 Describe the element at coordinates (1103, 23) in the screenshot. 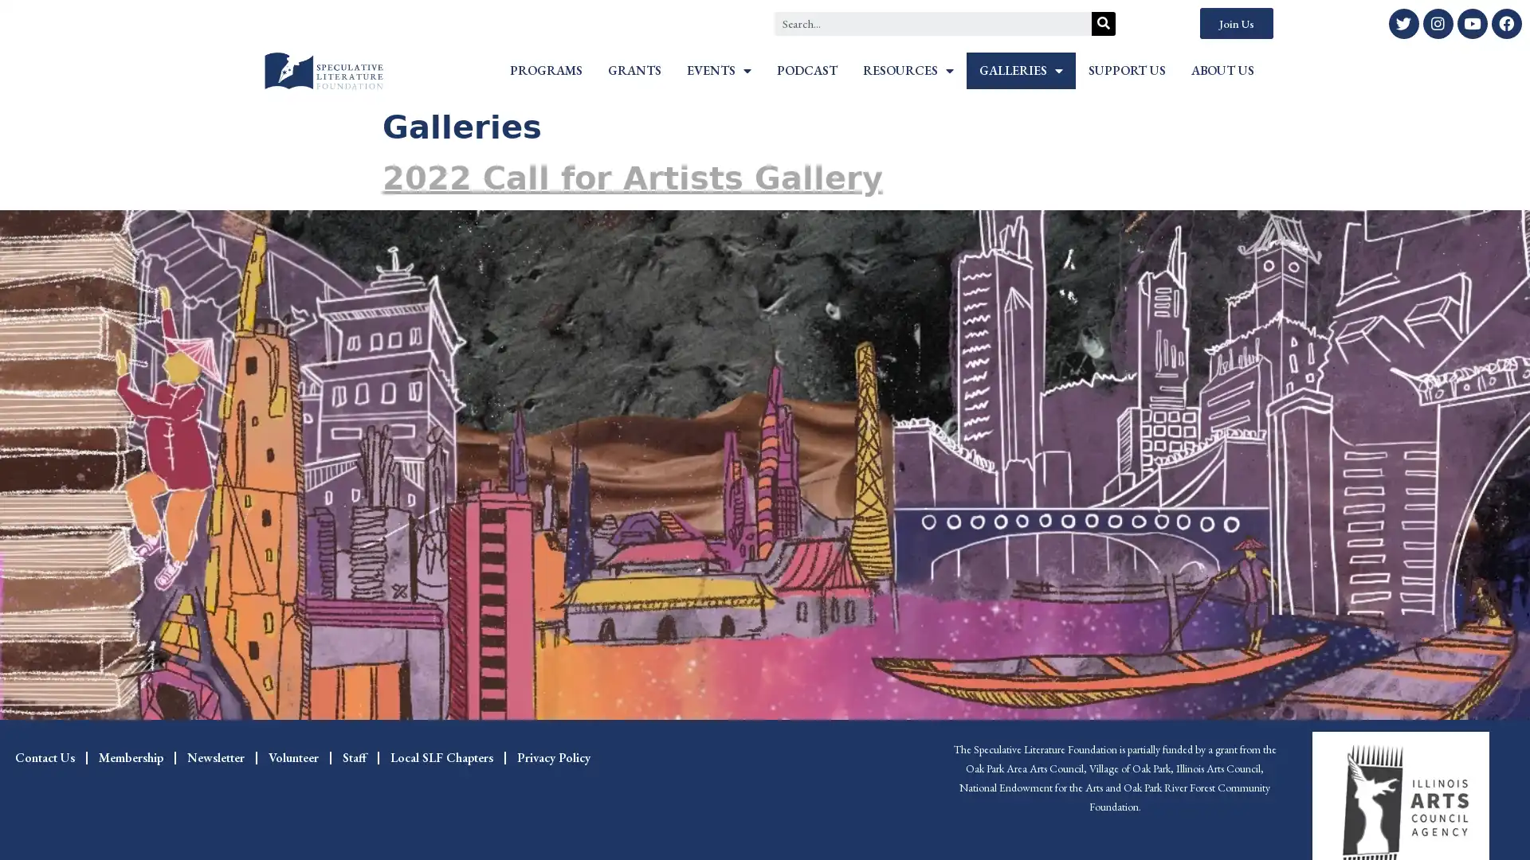

I see `Search` at that location.